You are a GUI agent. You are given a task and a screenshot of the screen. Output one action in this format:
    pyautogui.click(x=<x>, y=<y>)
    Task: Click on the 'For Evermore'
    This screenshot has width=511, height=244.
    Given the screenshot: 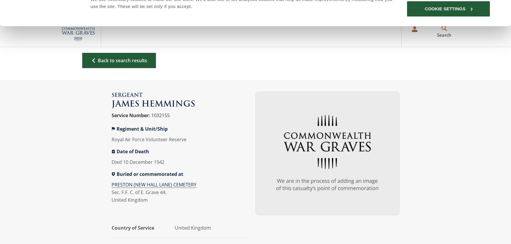 What is the action you would take?
    pyautogui.click(x=350, y=31)
    